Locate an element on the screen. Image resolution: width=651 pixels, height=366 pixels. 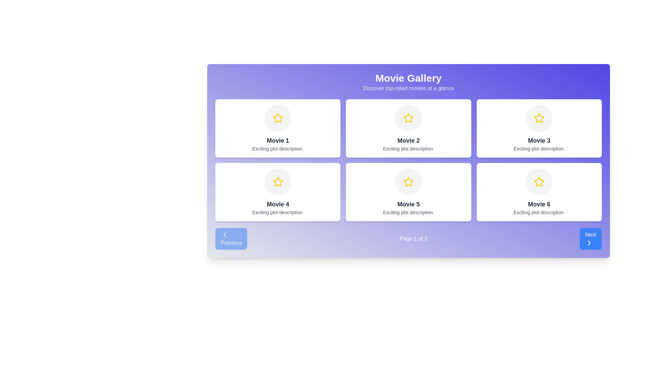
the interactive star icon representing the rating or marking preference for 'Movie 2' in the first row, second column of the grid layout is located at coordinates (408, 118).